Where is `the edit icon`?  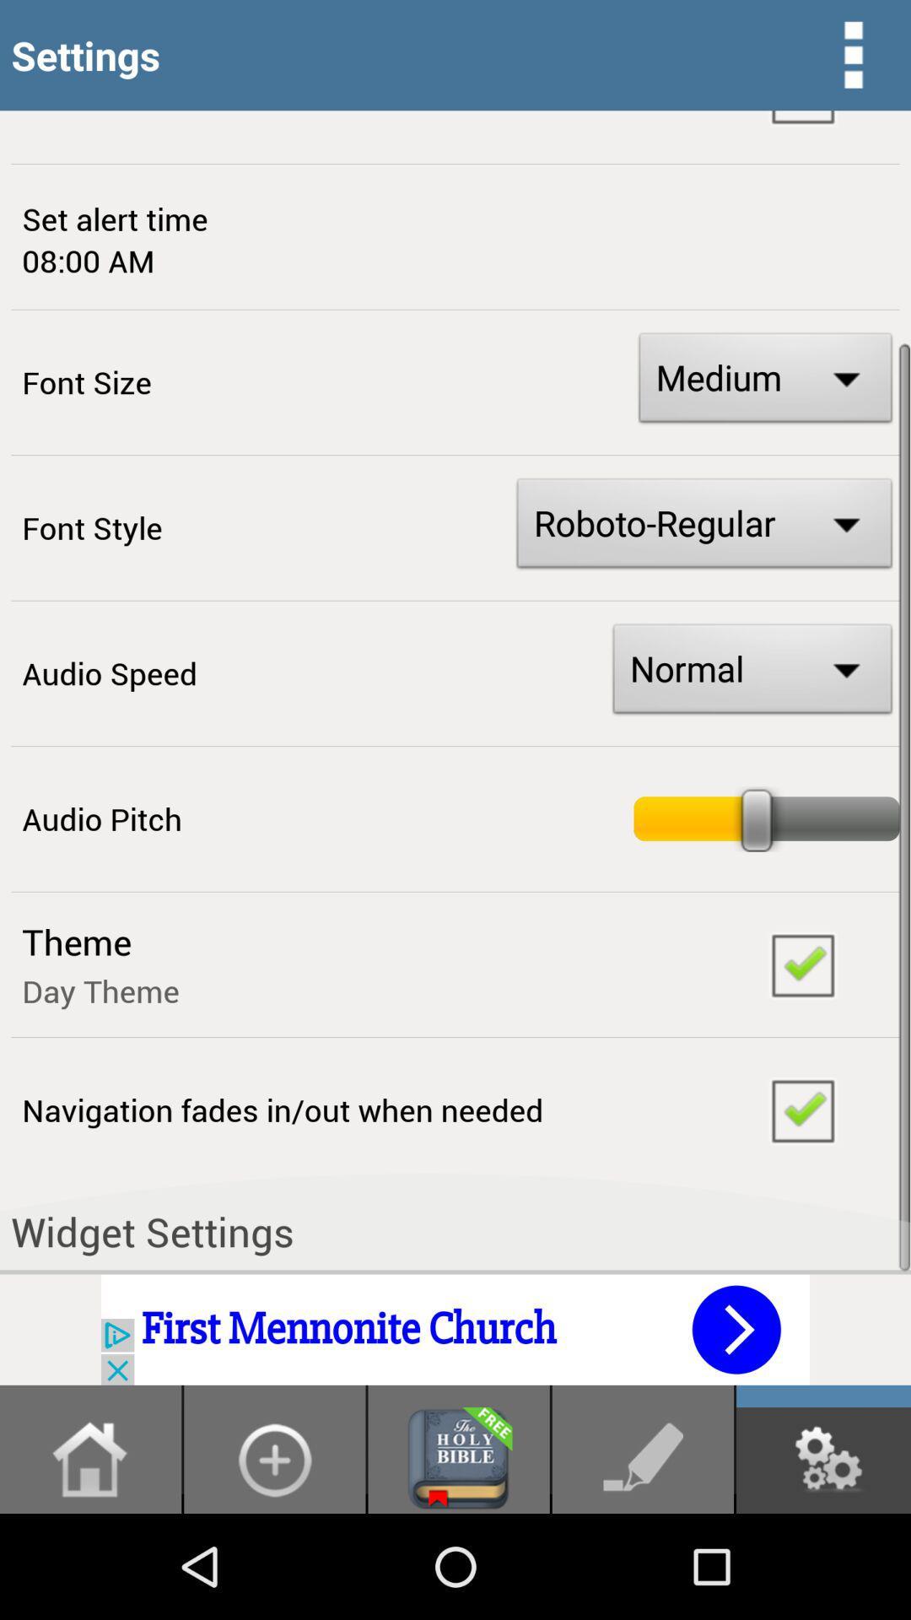
the edit icon is located at coordinates (643, 1562).